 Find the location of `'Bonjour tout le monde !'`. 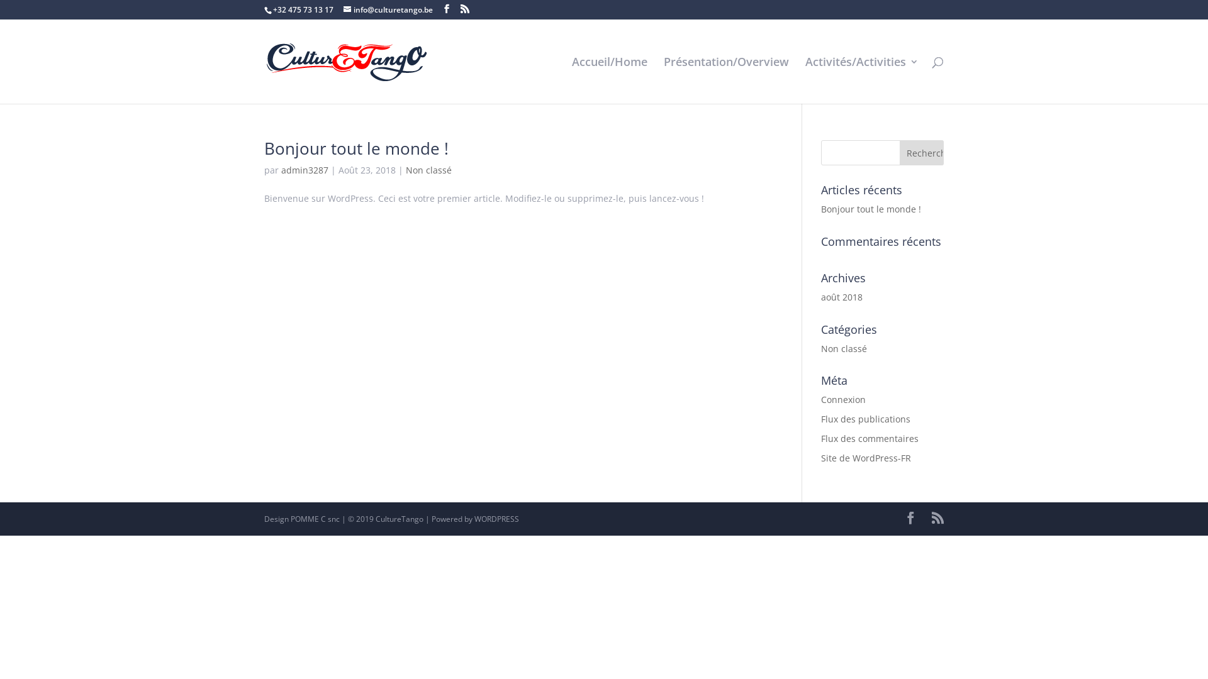

'Bonjour tout le monde !' is located at coordinates (355, 147).